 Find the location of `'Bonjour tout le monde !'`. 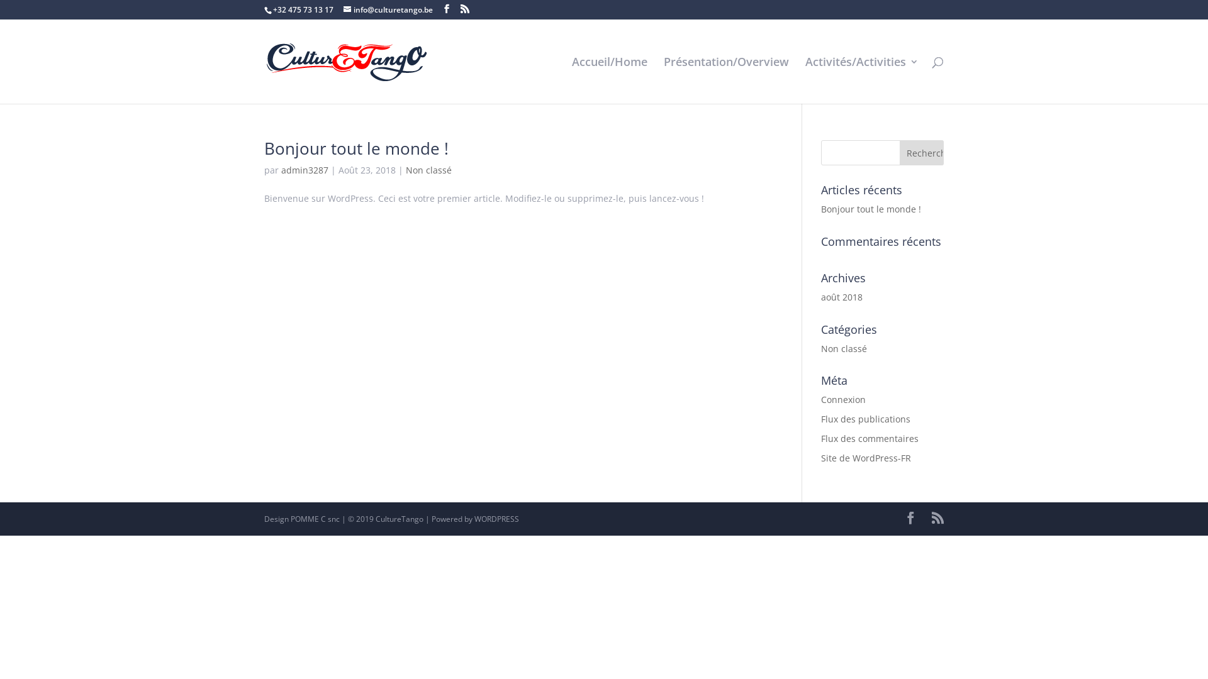

'Bonjour tout le monde !' is located at coordinates (355, 147).